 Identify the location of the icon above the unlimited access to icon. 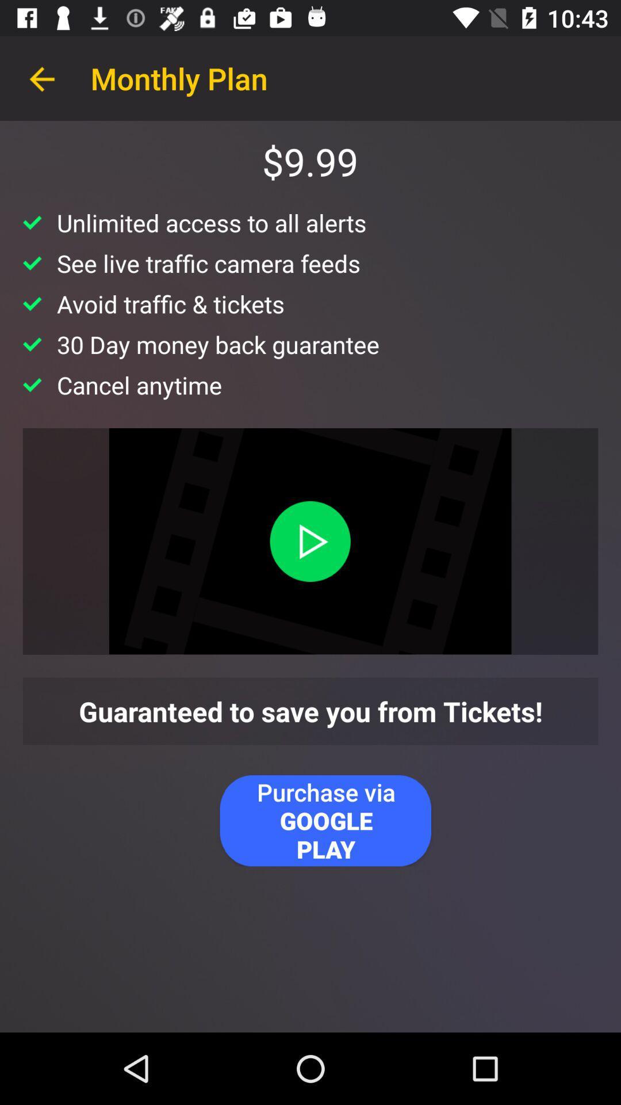
(41, 78).